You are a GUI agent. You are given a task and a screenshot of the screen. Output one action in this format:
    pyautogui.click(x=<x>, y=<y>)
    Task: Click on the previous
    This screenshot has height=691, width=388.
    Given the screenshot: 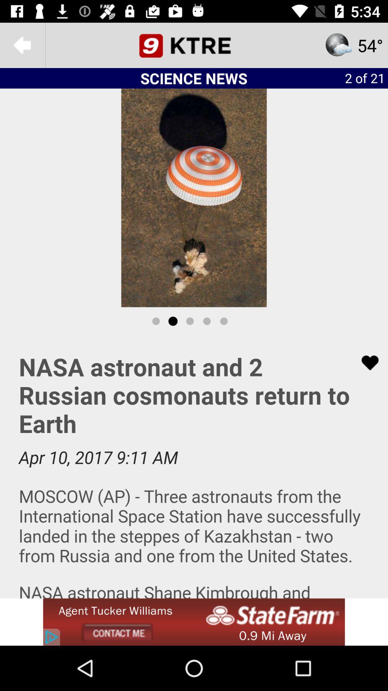 What is the action you would take?
    pyautogui.click(x=22, y=45)
    